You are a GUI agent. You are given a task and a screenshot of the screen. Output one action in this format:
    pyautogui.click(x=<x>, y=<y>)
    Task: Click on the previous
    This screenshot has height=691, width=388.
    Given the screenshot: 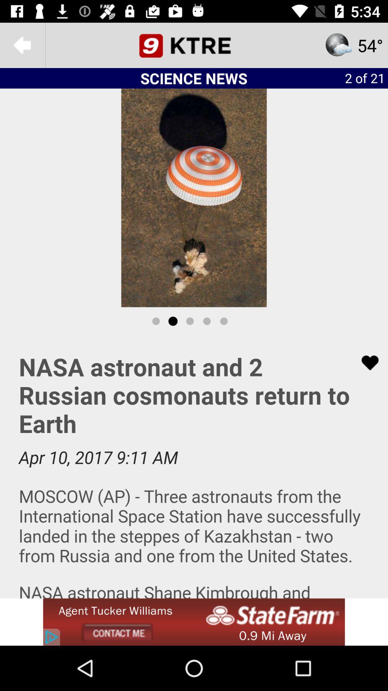 What is the action you would take?
    pyautogui.click(x=22, y=45)
    